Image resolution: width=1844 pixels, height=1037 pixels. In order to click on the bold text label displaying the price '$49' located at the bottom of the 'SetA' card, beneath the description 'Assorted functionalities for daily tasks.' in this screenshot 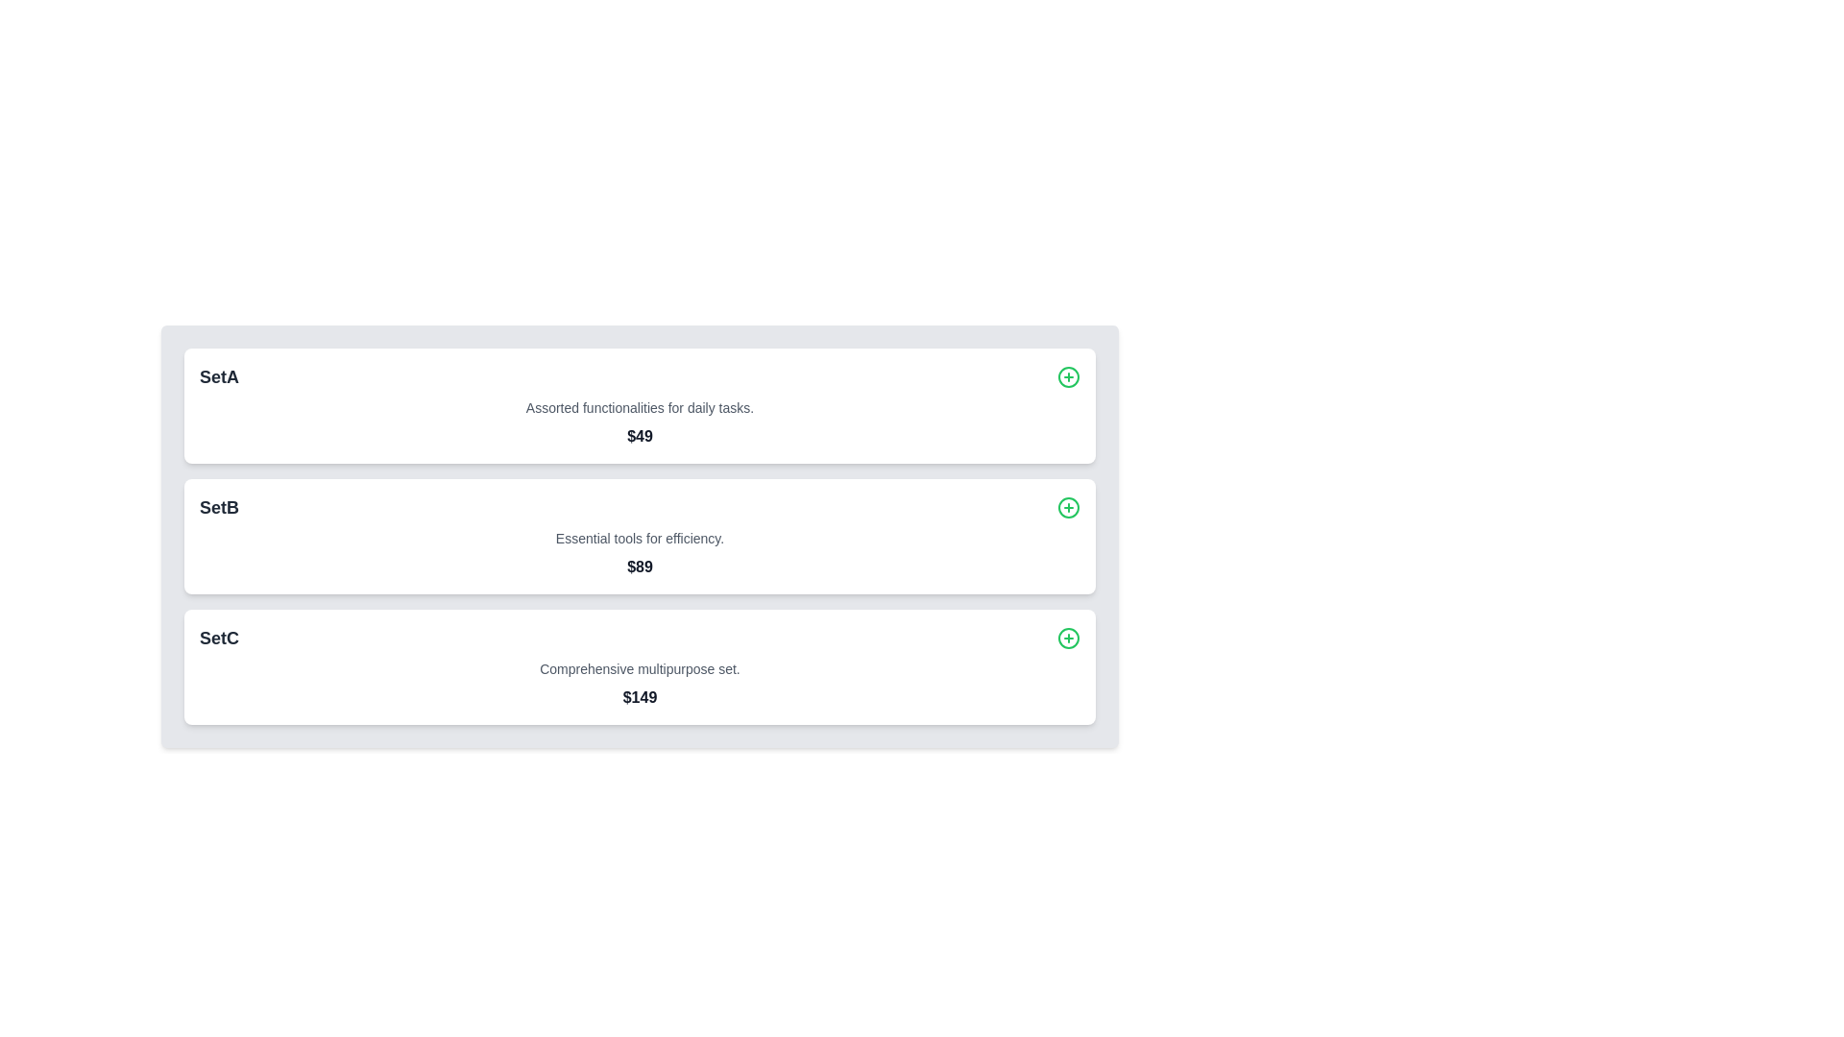, I will do `click(640, 437)`.